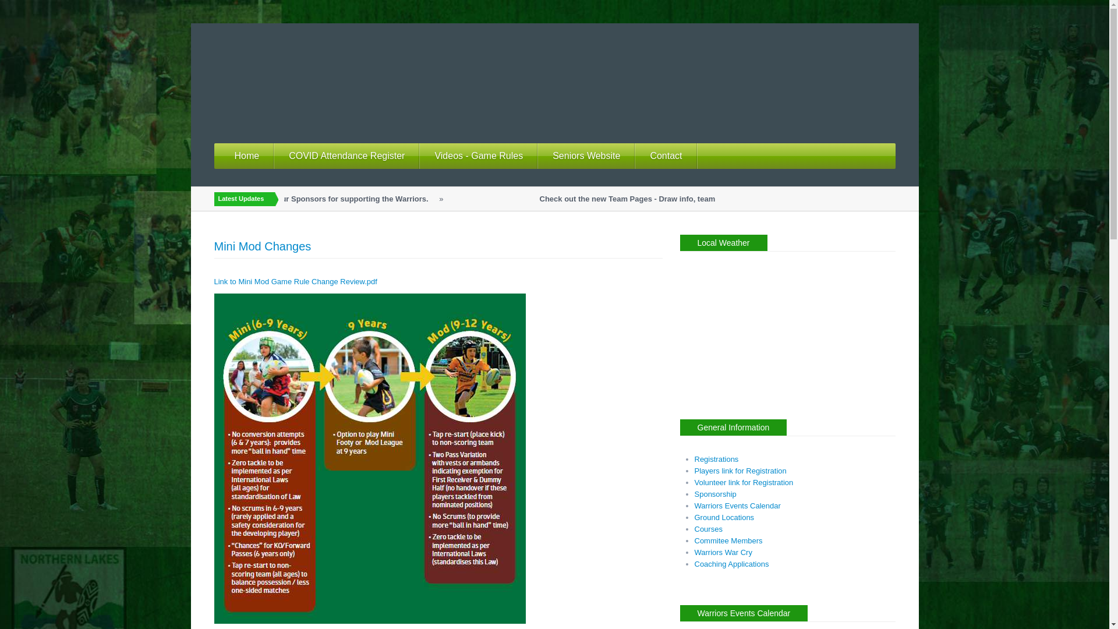 Image resolution: width=1118 pixels, height=629 pixels. What do you see at coordinates (666, 155) in the screenshot?
I see `'Contact'` at bounding box center [666, 155].